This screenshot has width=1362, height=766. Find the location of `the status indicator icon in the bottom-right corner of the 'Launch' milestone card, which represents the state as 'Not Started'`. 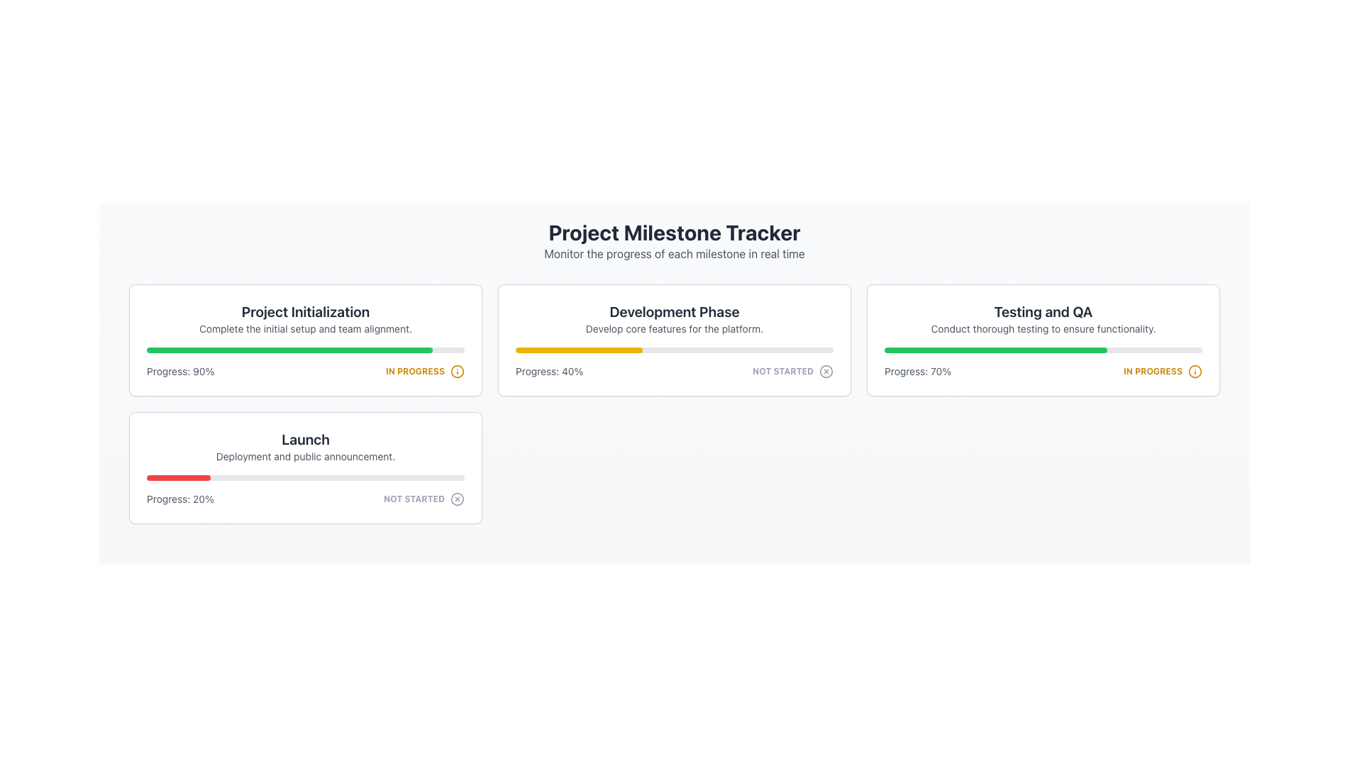

the status indicator icon in the bottom-right corner of the 'Launch' milestone card, which represents the state as 'Not Started' is located at coordinates (457, 499).